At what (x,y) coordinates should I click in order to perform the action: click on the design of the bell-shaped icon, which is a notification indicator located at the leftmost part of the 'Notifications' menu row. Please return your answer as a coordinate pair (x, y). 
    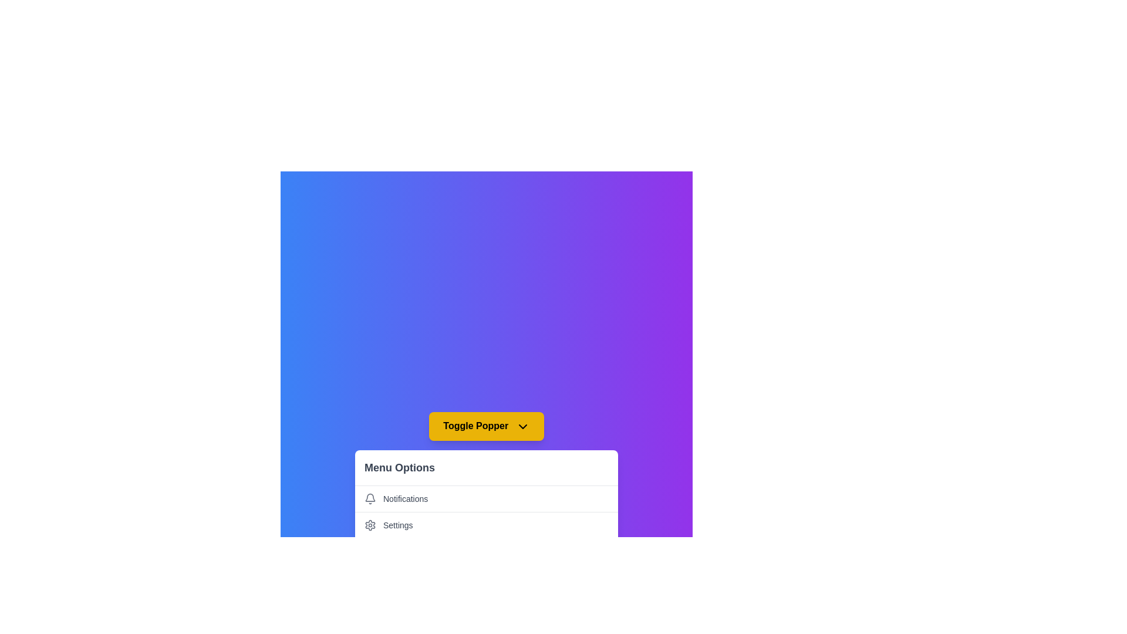
    Looking at the image, I should click on (369, 498).